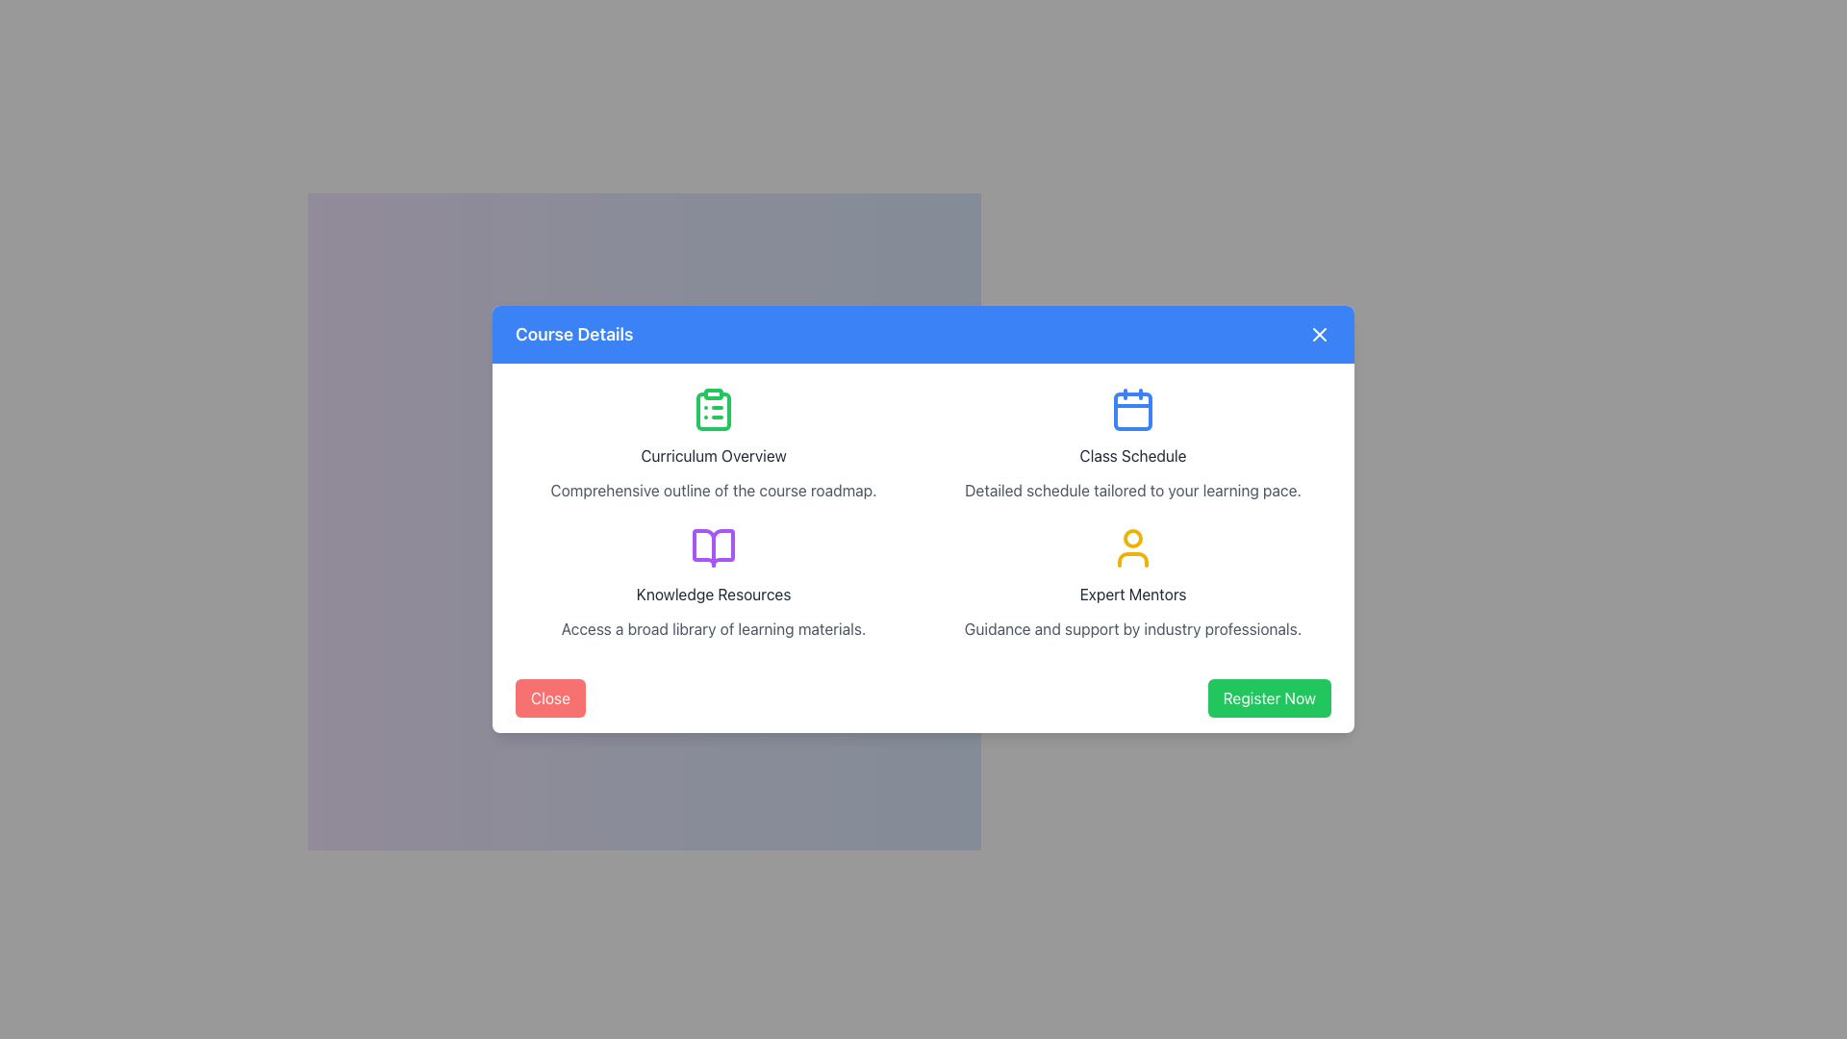 This screenshot has width=1847, height=1039. I want to click on the 'Curriculum Overview' text label, which is styled as a heading in gray and positioned beneath a clipboard icon within the Course Details section, so click(713, 456).